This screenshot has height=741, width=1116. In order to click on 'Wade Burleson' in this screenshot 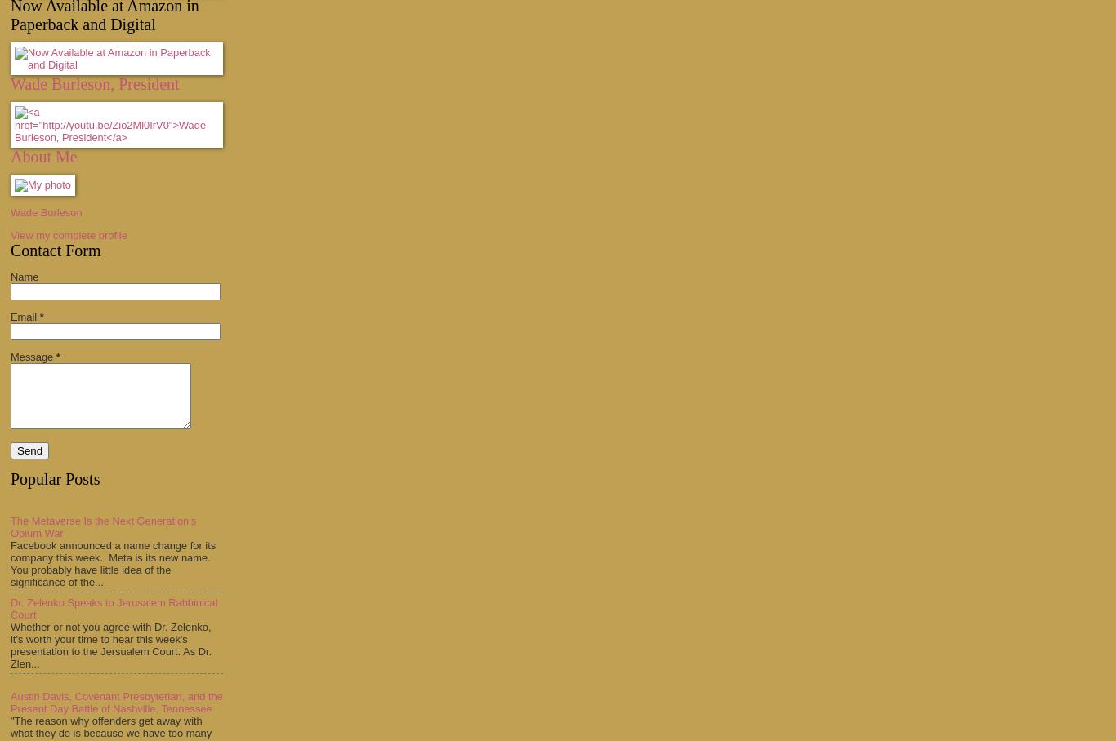, I will do `click(46, 211)`.